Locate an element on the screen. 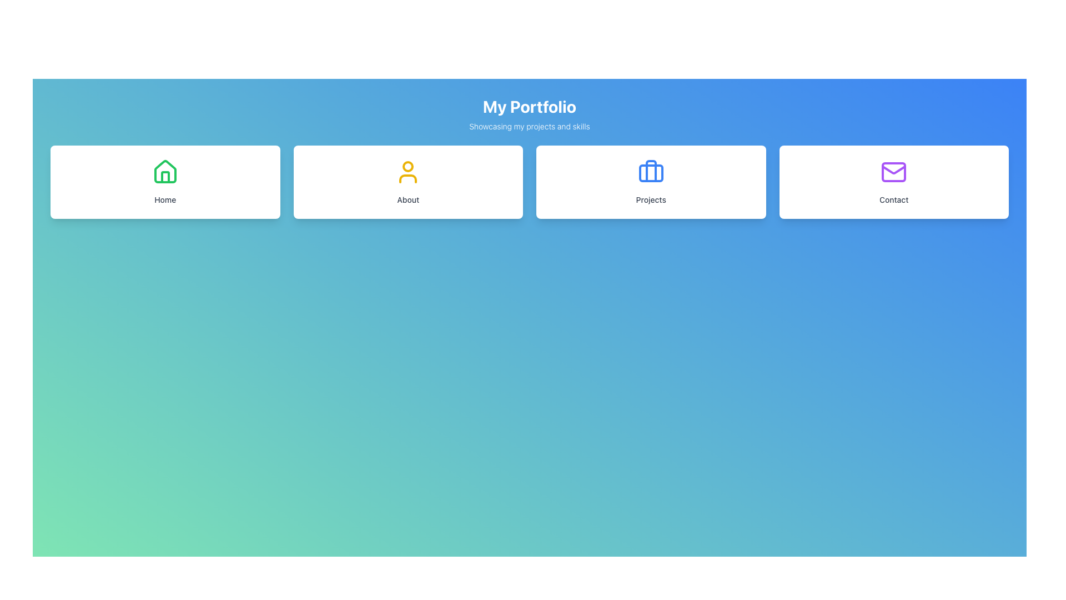  the 'Contact' text label, which is styled with a gray font that transitions to purple on hover and is located at the bottom-center of a card in a grid layout is located at coordinates (894, 199).